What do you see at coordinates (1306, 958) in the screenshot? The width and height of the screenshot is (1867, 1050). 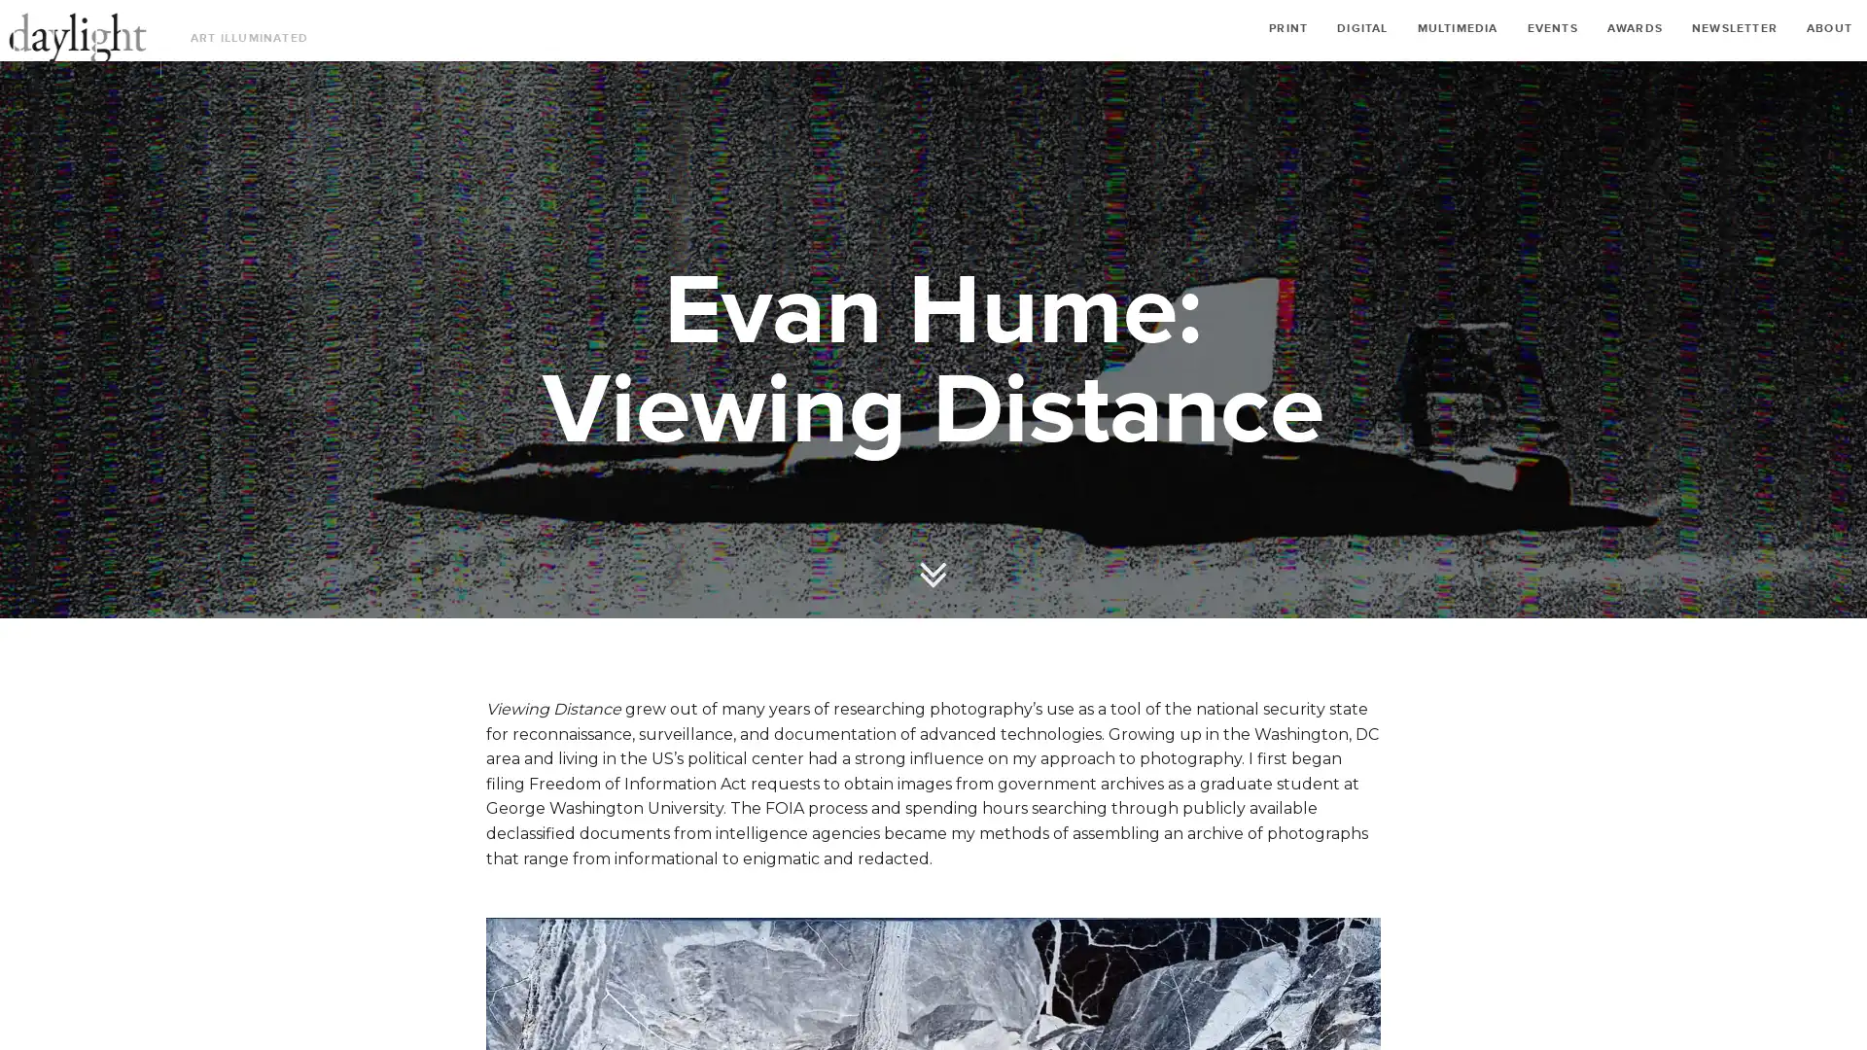 I see `Share on Facebook` at bounding box center [1306, 958].